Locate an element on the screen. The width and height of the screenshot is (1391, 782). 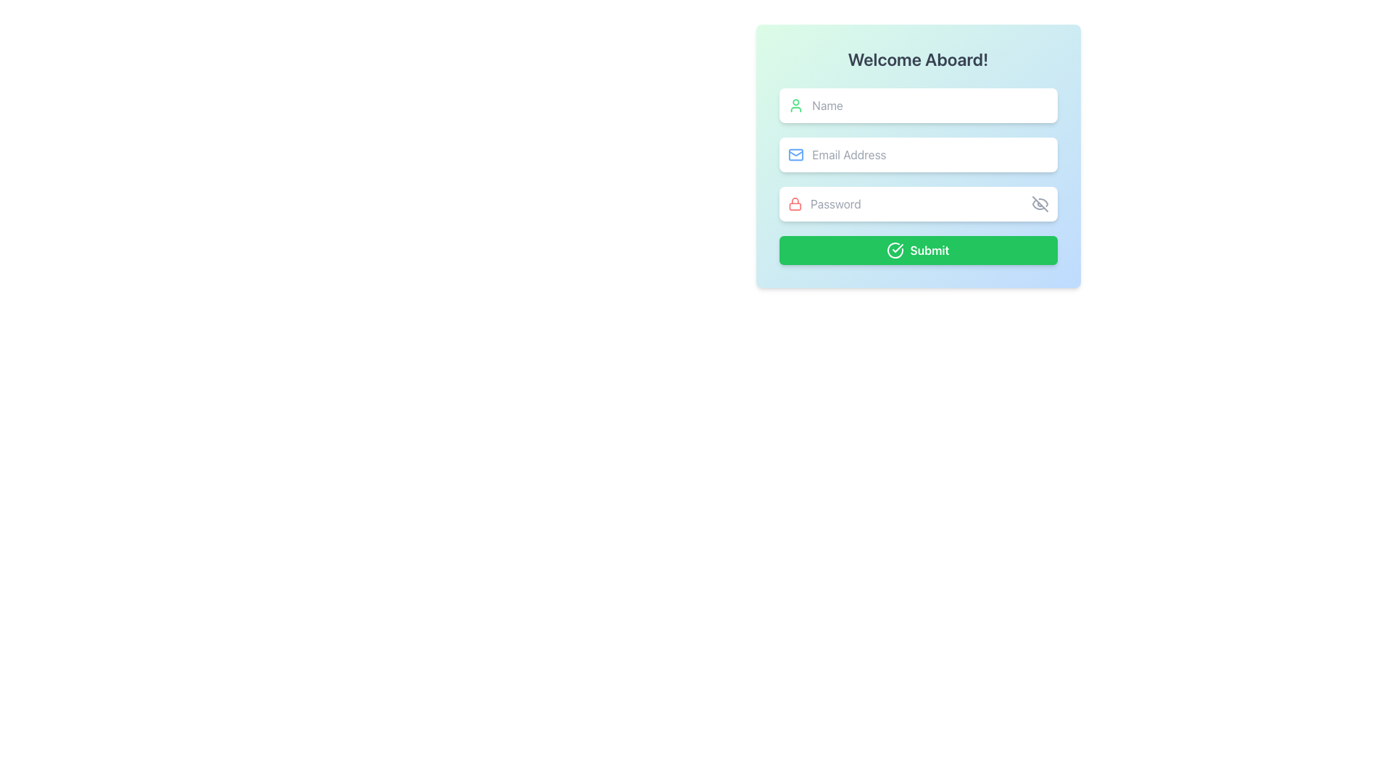
the circular check icon within the 'Submit' button, which is a vector-based graphic element with a white background and green border is located at coordinates (895, 250).